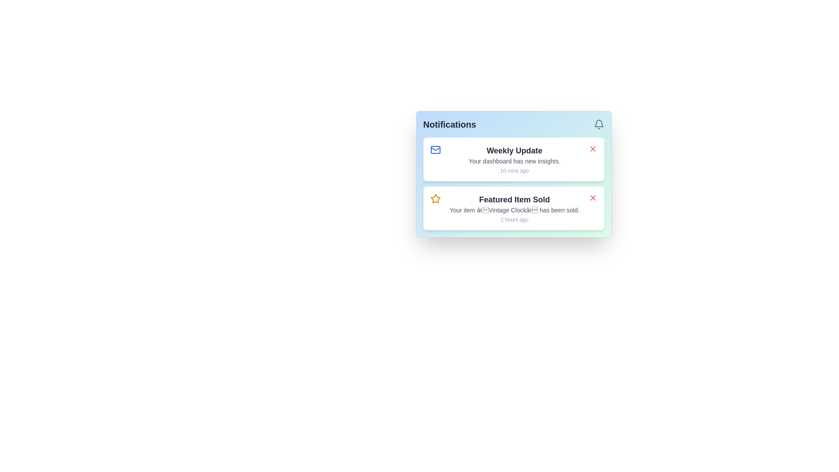 The height and width of the screenshot is (472, 839). I want to click on text of the Notification item located at the top of the notification panel, adjacent to an envelope icon on the left and a close (X) button on the right, so click(514, 160).